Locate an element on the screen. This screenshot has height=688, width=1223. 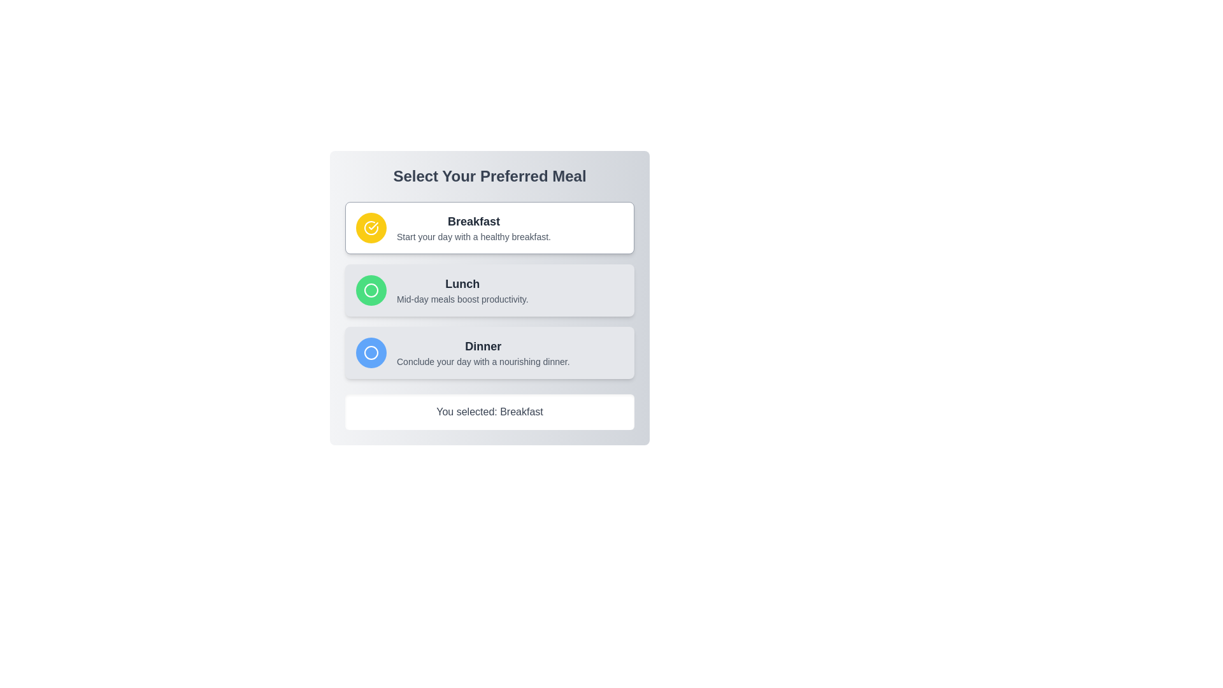
the Decorative icon (SVG circle) located within the green circular icon in the 'Lunch' option of the 'Select Your Preferred Meal' section is located at coordinates (370, 290).